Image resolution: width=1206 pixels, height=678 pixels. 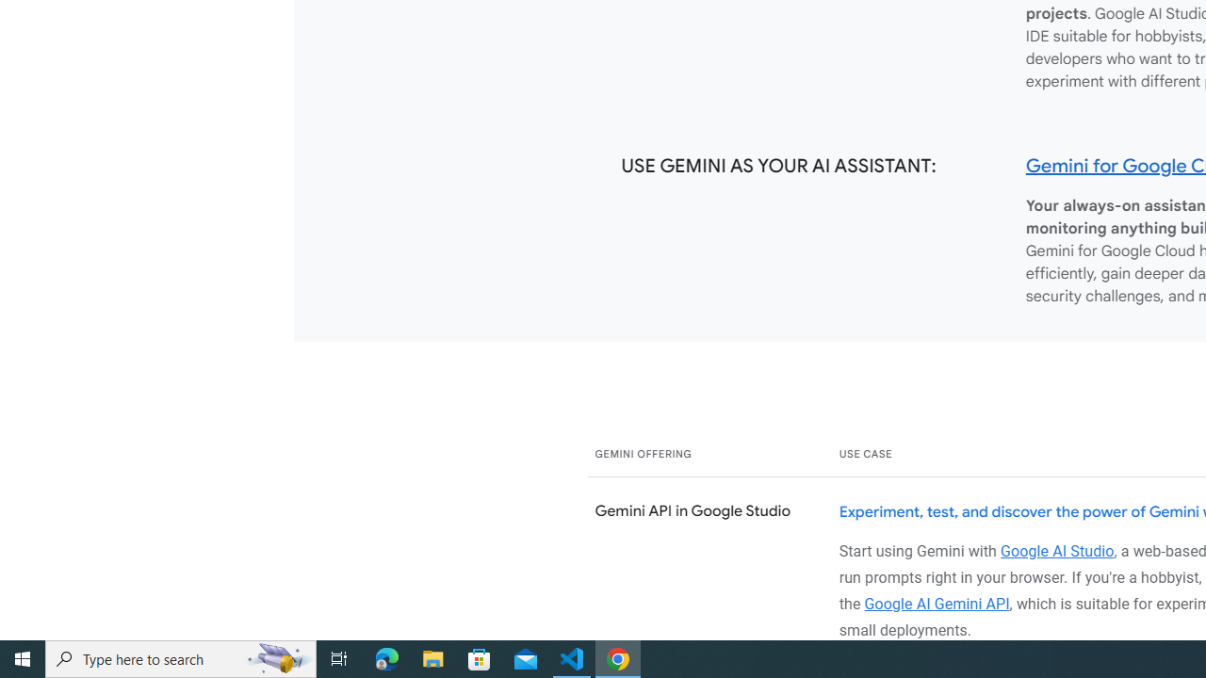 What do you see at coordinates (1057, 551) in the screenshot?
I see `'Google AI Studio'` at bounding box center [1057, 551].